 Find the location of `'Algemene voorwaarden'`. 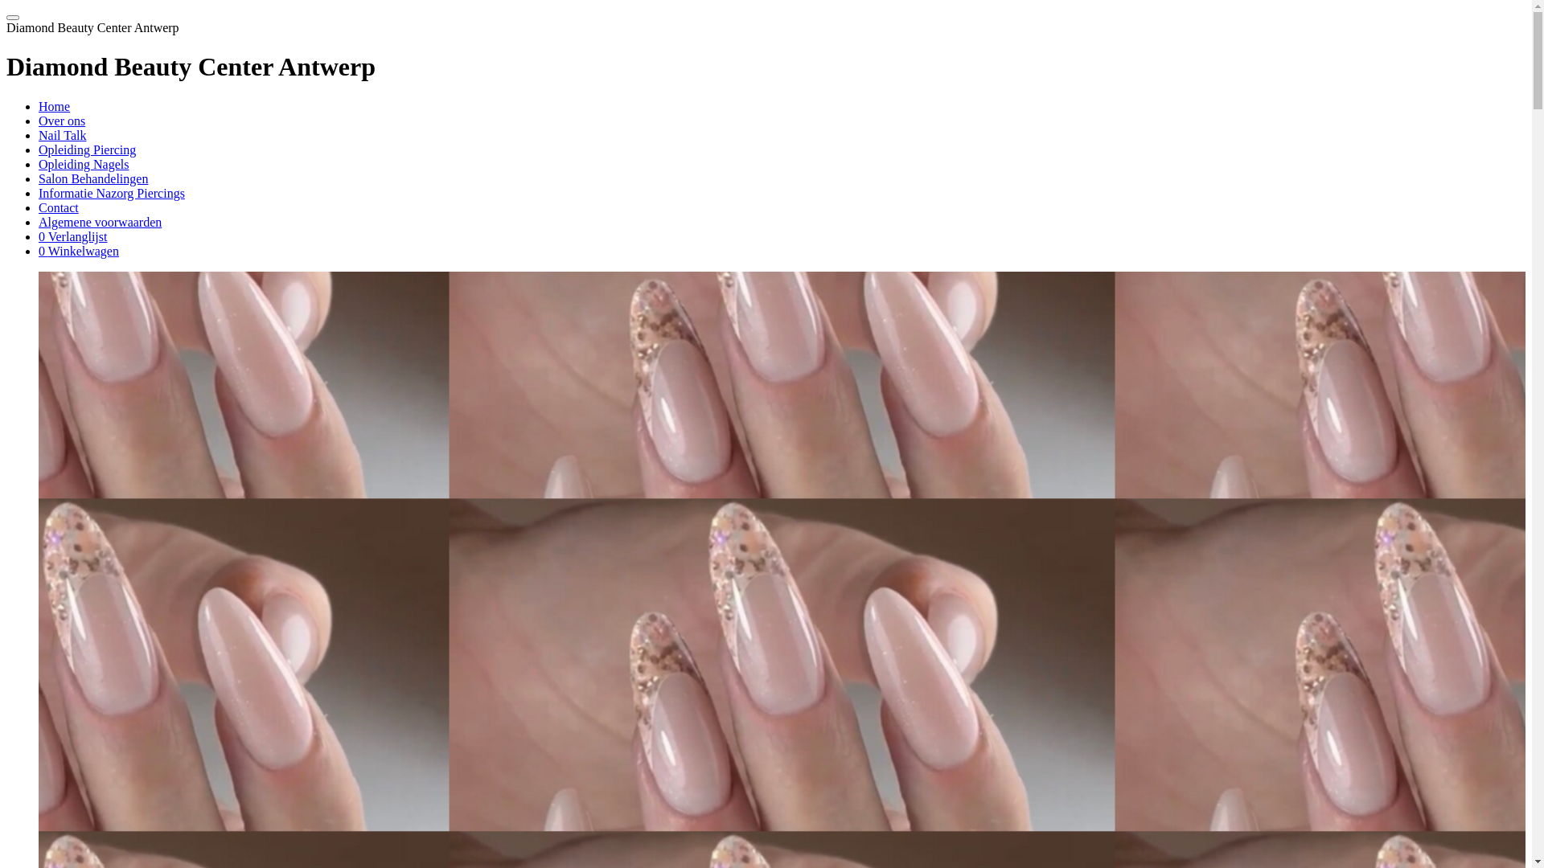

'Algemene voorwaarden' is located at coordinates (39, 222).